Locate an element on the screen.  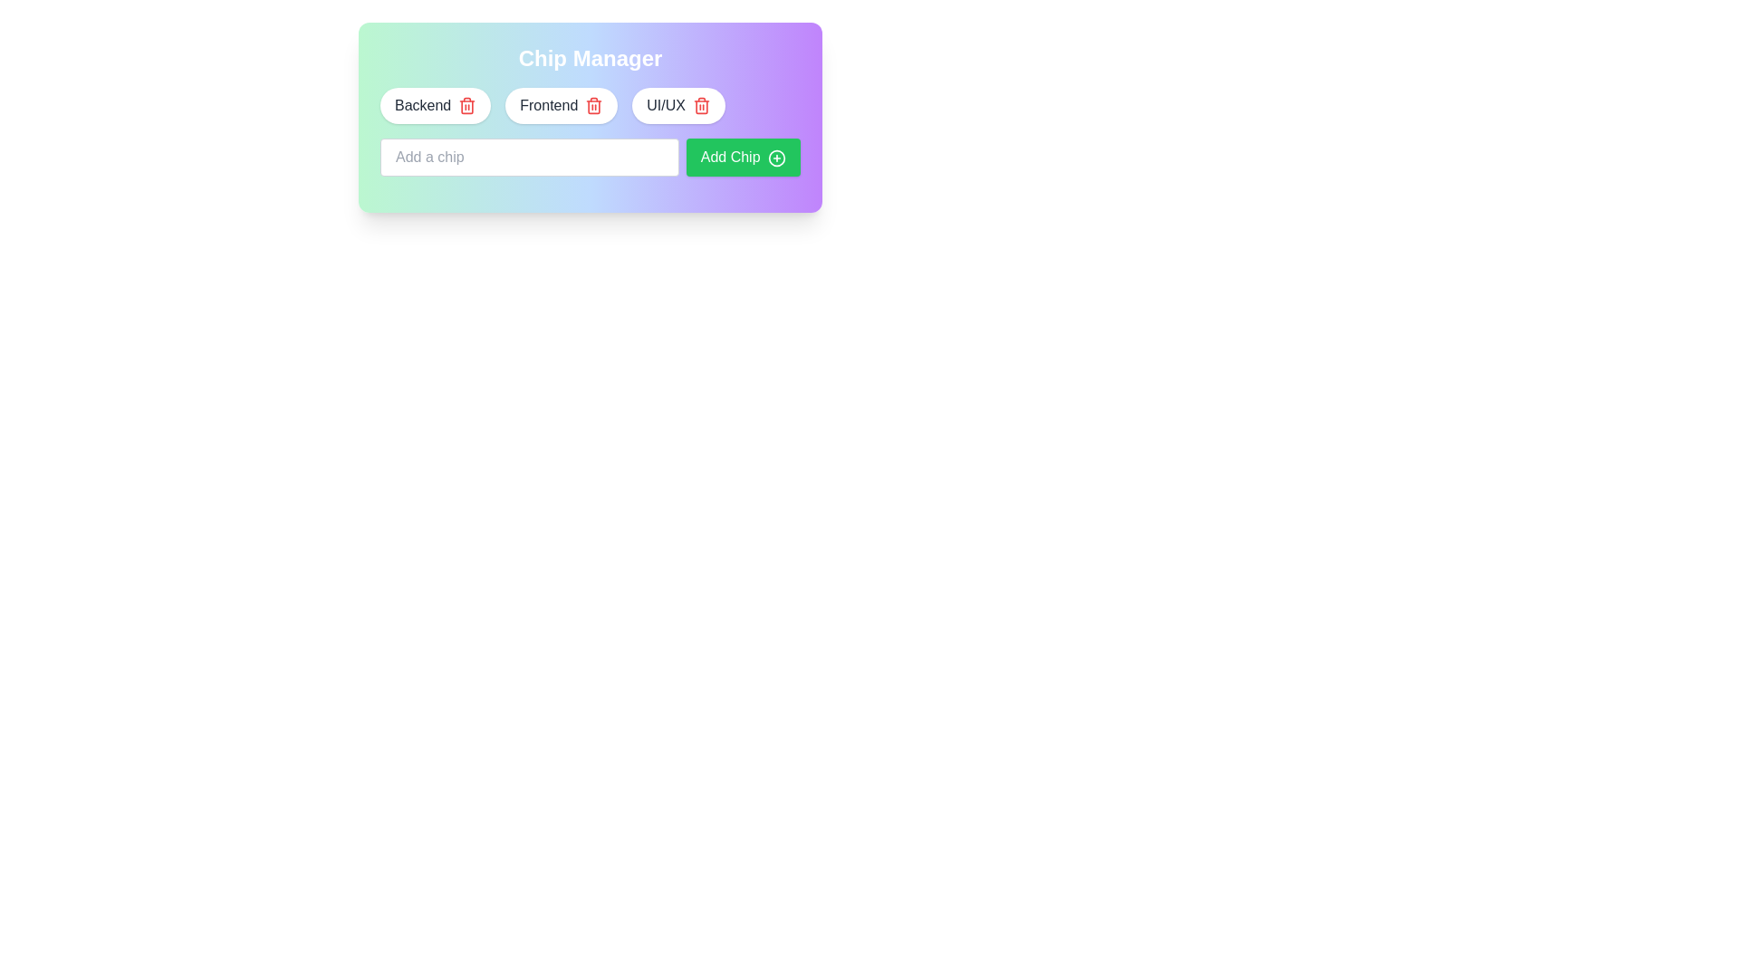
the 'Frontend' chip element is located at coordinates (561, 105).